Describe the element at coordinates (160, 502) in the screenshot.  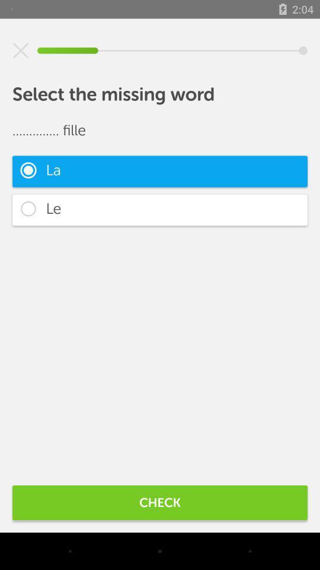
I see `the check item` at that location.